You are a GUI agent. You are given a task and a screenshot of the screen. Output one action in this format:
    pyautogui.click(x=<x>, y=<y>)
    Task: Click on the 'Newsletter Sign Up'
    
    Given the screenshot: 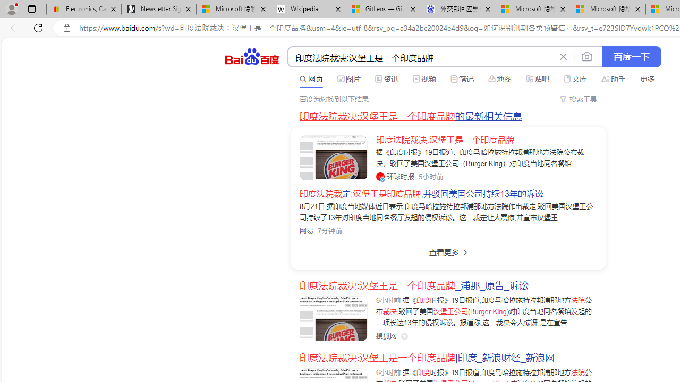 What is the action you would take?
    pyautogui.click(x=158, y=9)
    